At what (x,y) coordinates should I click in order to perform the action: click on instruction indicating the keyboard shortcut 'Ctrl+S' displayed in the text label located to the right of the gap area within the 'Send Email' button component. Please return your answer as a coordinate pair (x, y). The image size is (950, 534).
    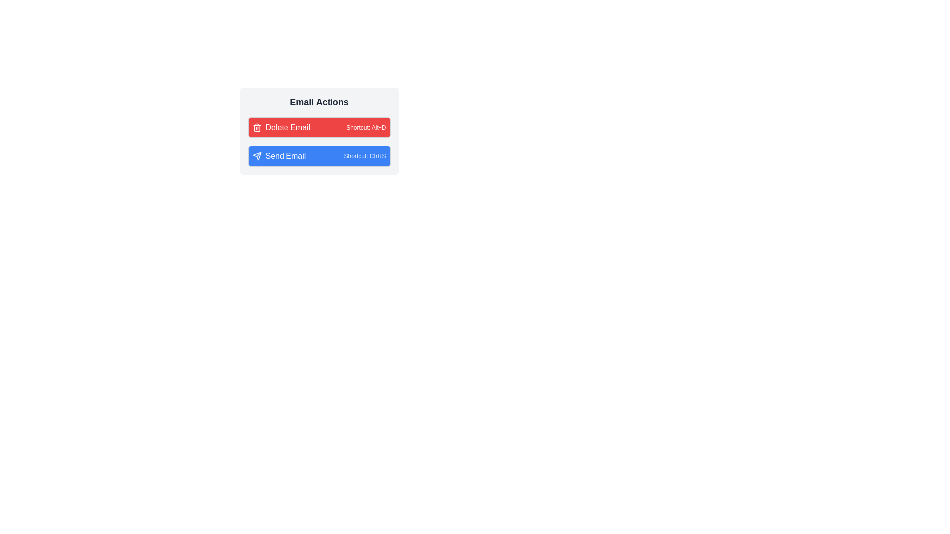
    Looking at the image, I should click on (365, 156).